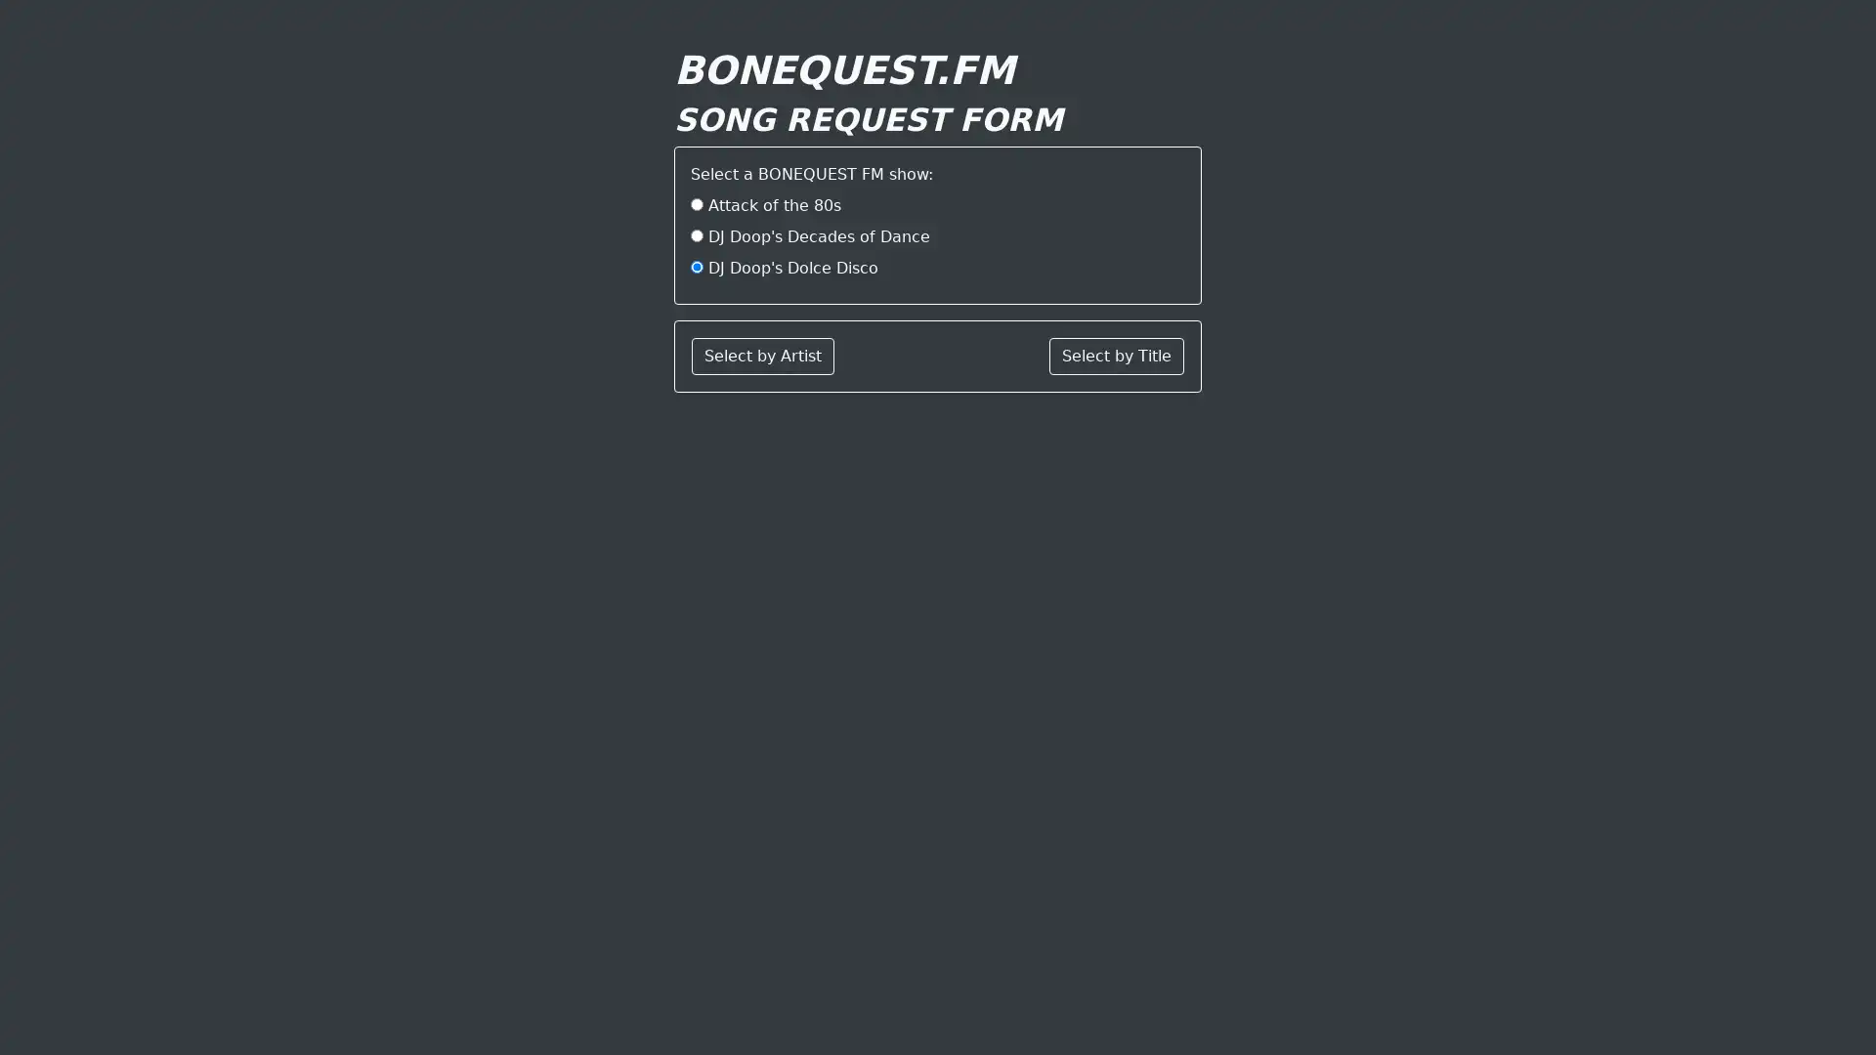  Describe the element at coordinates (762, 357) in the screenshot. I see `Select by Artist` at that location.